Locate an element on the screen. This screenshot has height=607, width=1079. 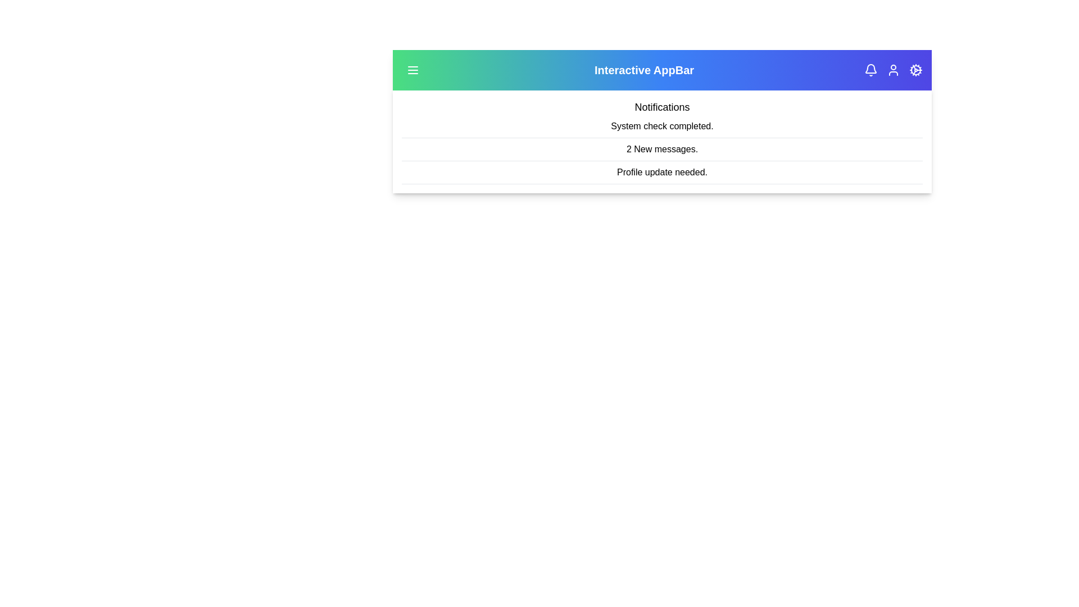
the bell icon to view notifications is located at coordinates (871, 70).